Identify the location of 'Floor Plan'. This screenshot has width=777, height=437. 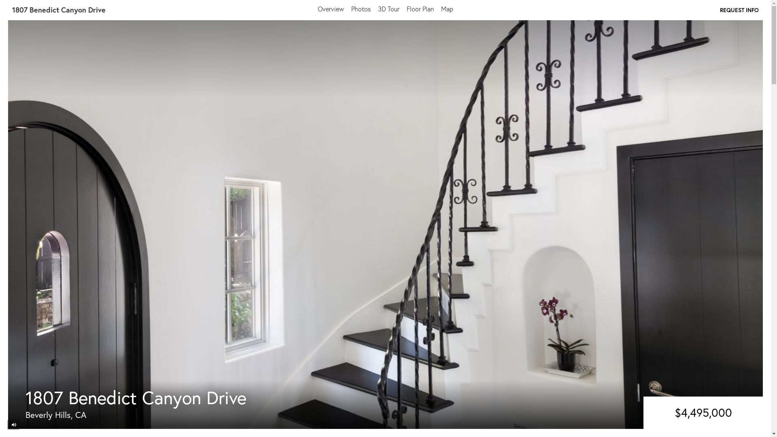
(420, 8).